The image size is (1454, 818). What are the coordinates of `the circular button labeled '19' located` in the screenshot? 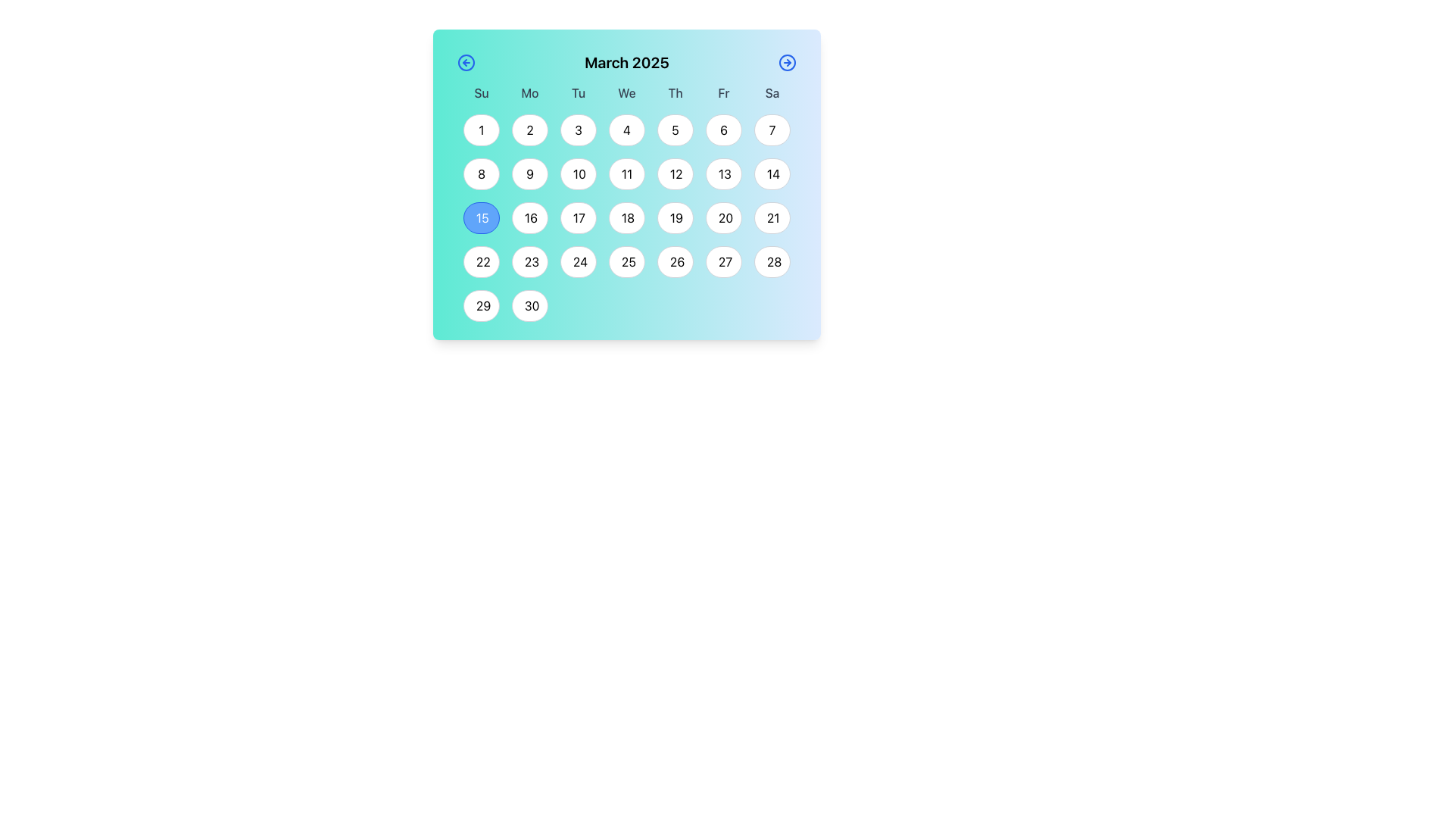 It's located at (675, 218).